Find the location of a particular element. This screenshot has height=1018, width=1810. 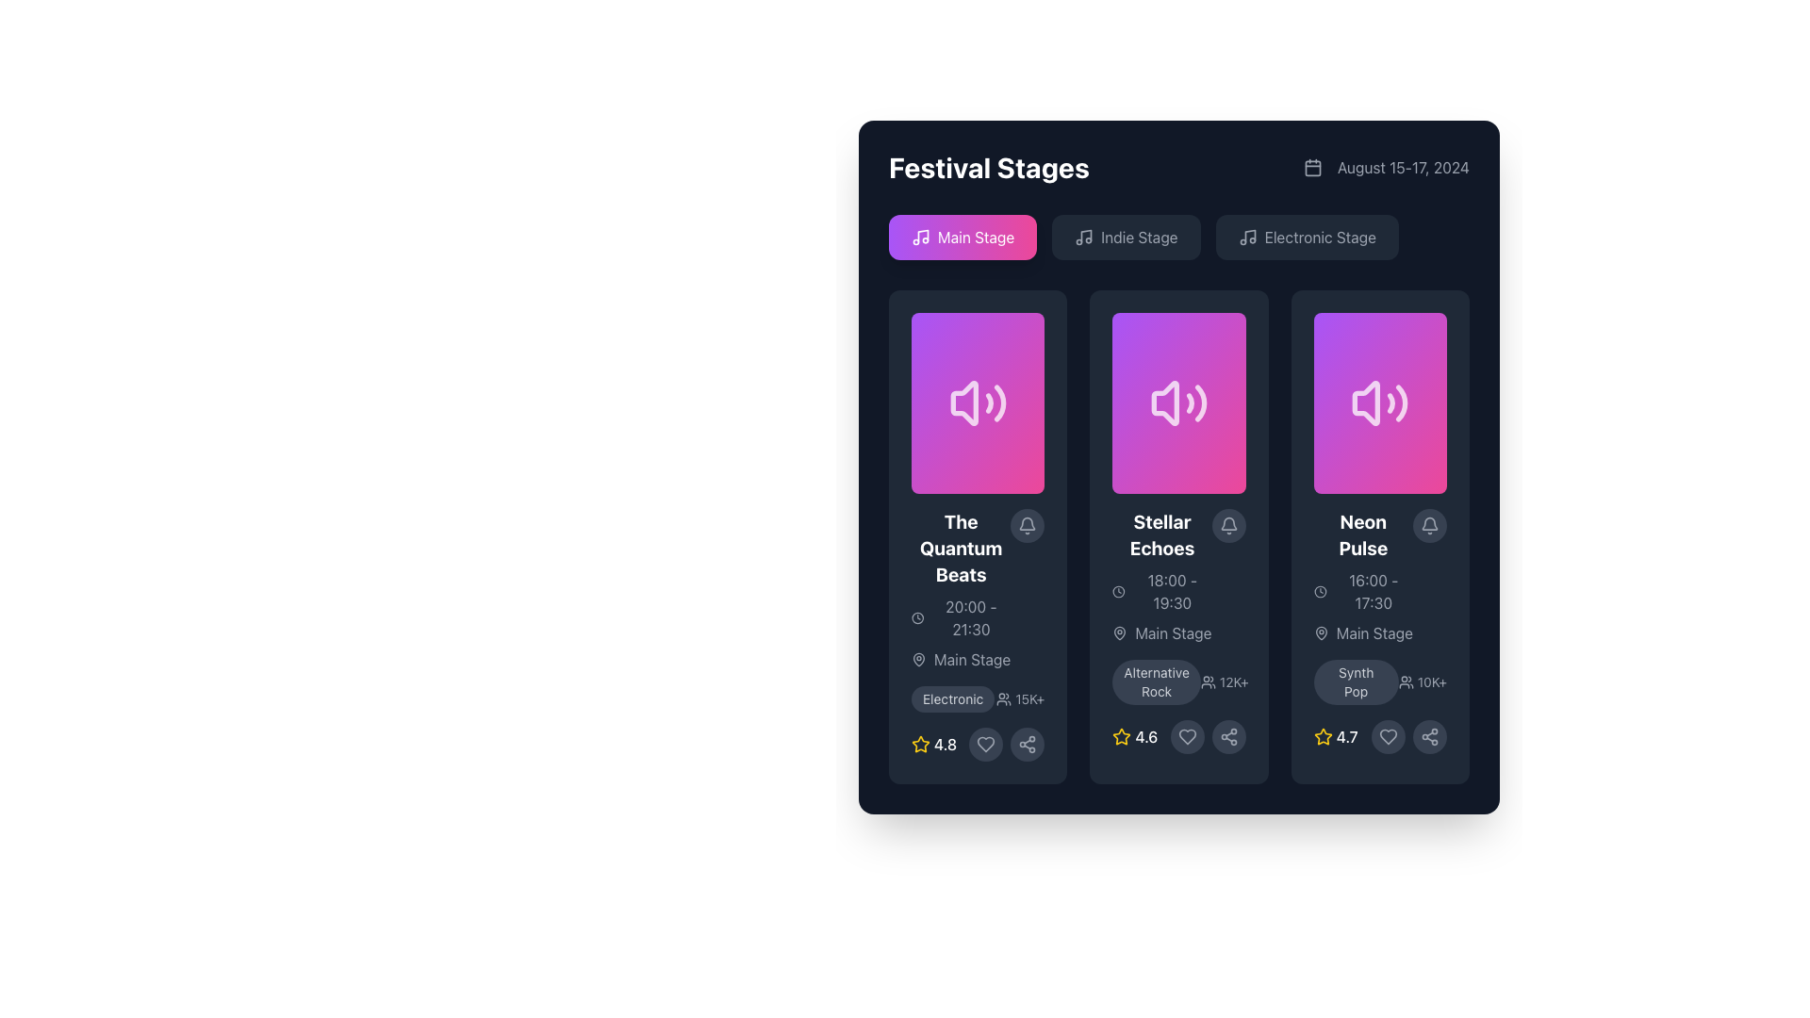

the small musical note icon located within the button labeled 'Indie Stage', which is styled with a minimalistic design and white stroke is located at coordinates (1084, 236).